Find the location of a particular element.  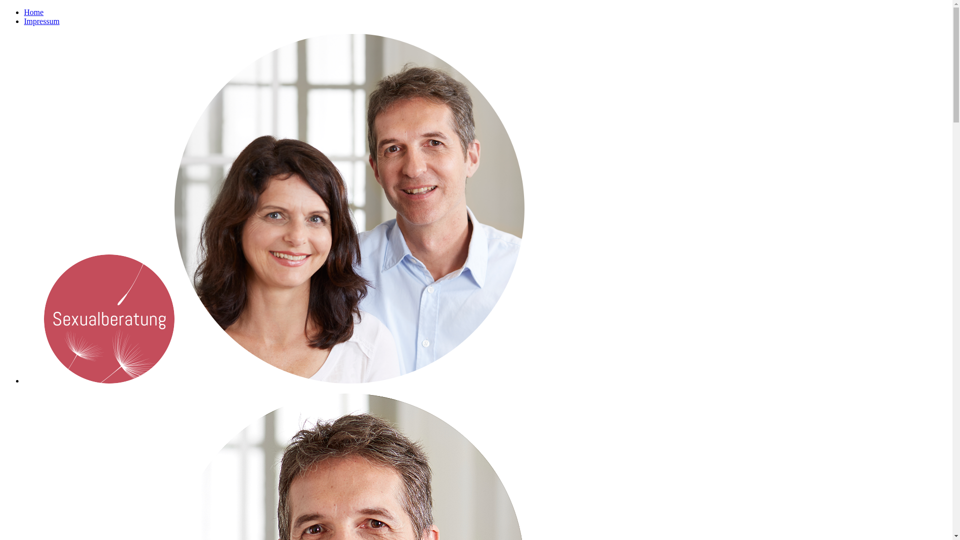

'Impressum' is located at coordinates (24, 21).